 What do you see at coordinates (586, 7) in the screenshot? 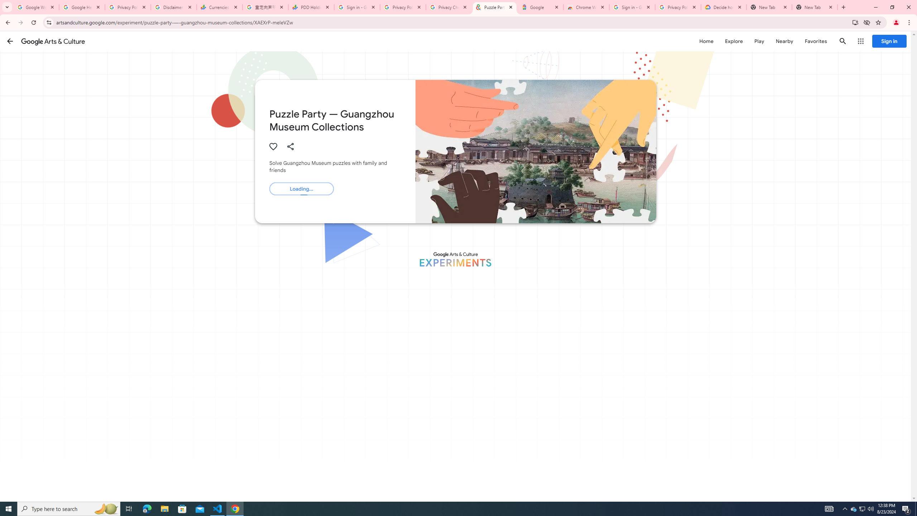
I see `'Chrome Web Store - Color themes by Chrome'` at bounding box center [586, 7].